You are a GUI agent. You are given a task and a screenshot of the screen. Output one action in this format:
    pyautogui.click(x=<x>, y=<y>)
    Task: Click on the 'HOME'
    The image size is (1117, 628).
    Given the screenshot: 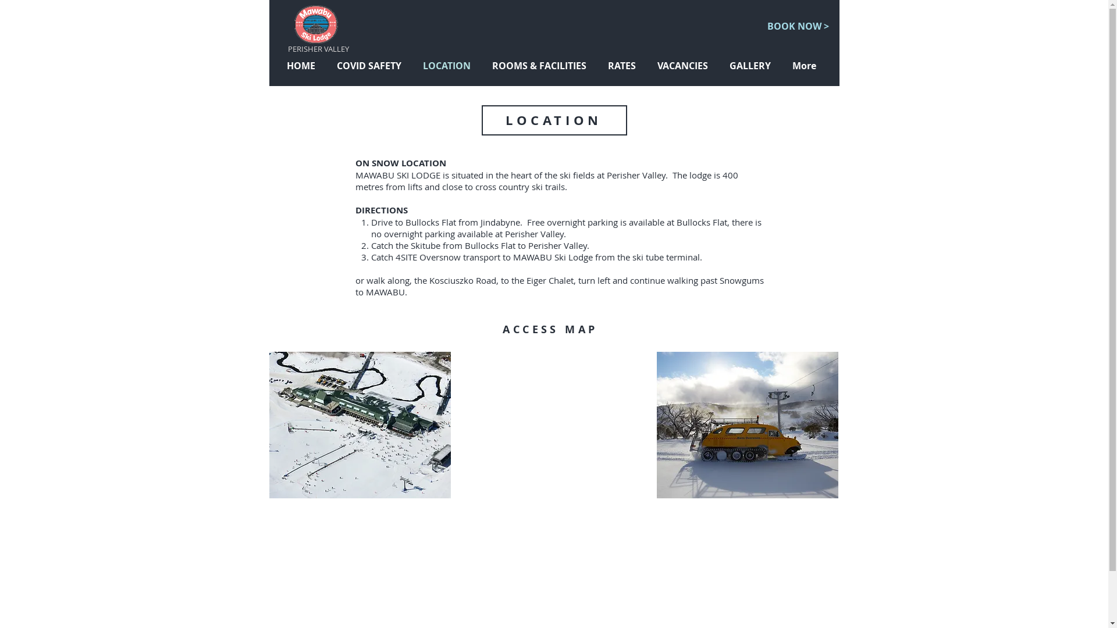 What is the action you would take?
    pyautogui.click(x=303, y=66)
    